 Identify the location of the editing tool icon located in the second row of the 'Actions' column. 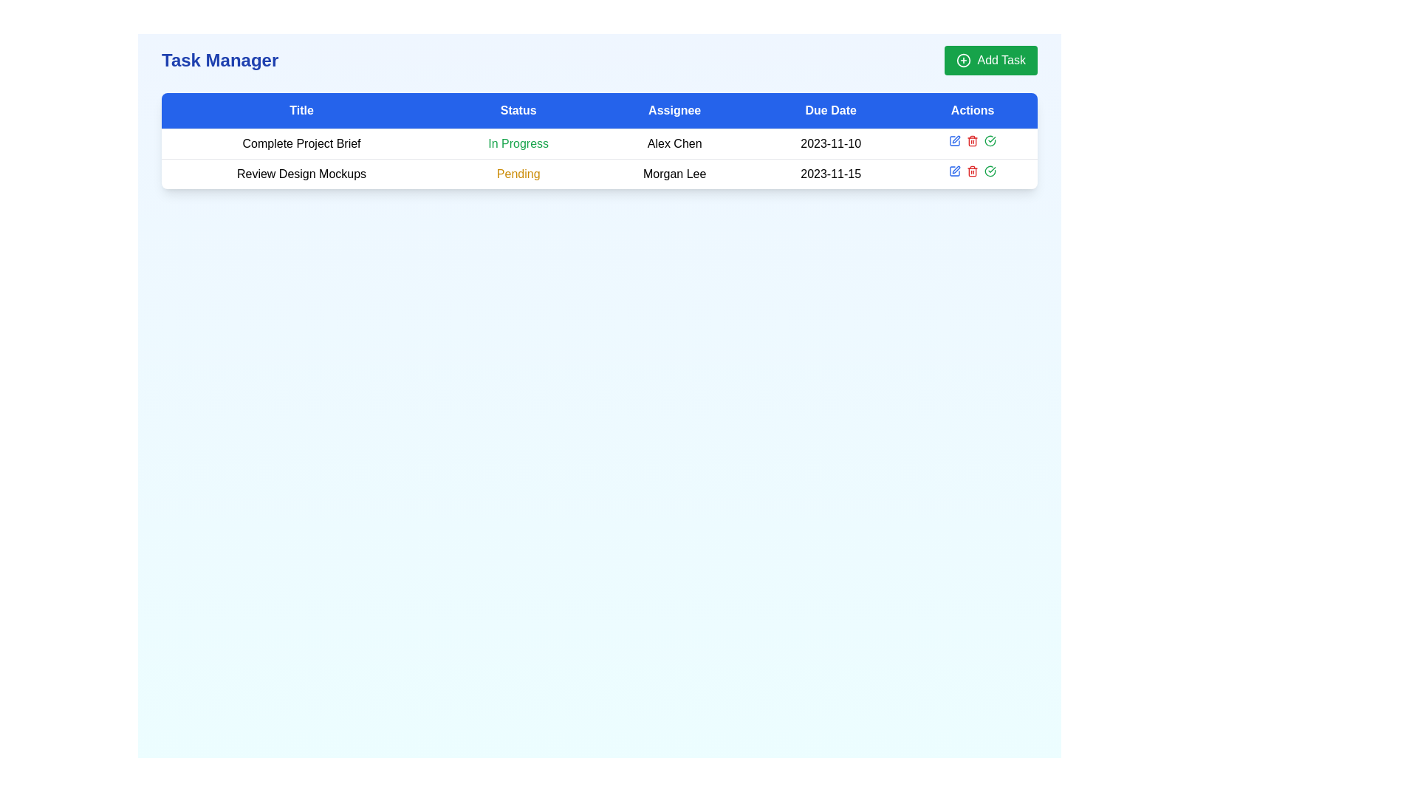
(956, 140).